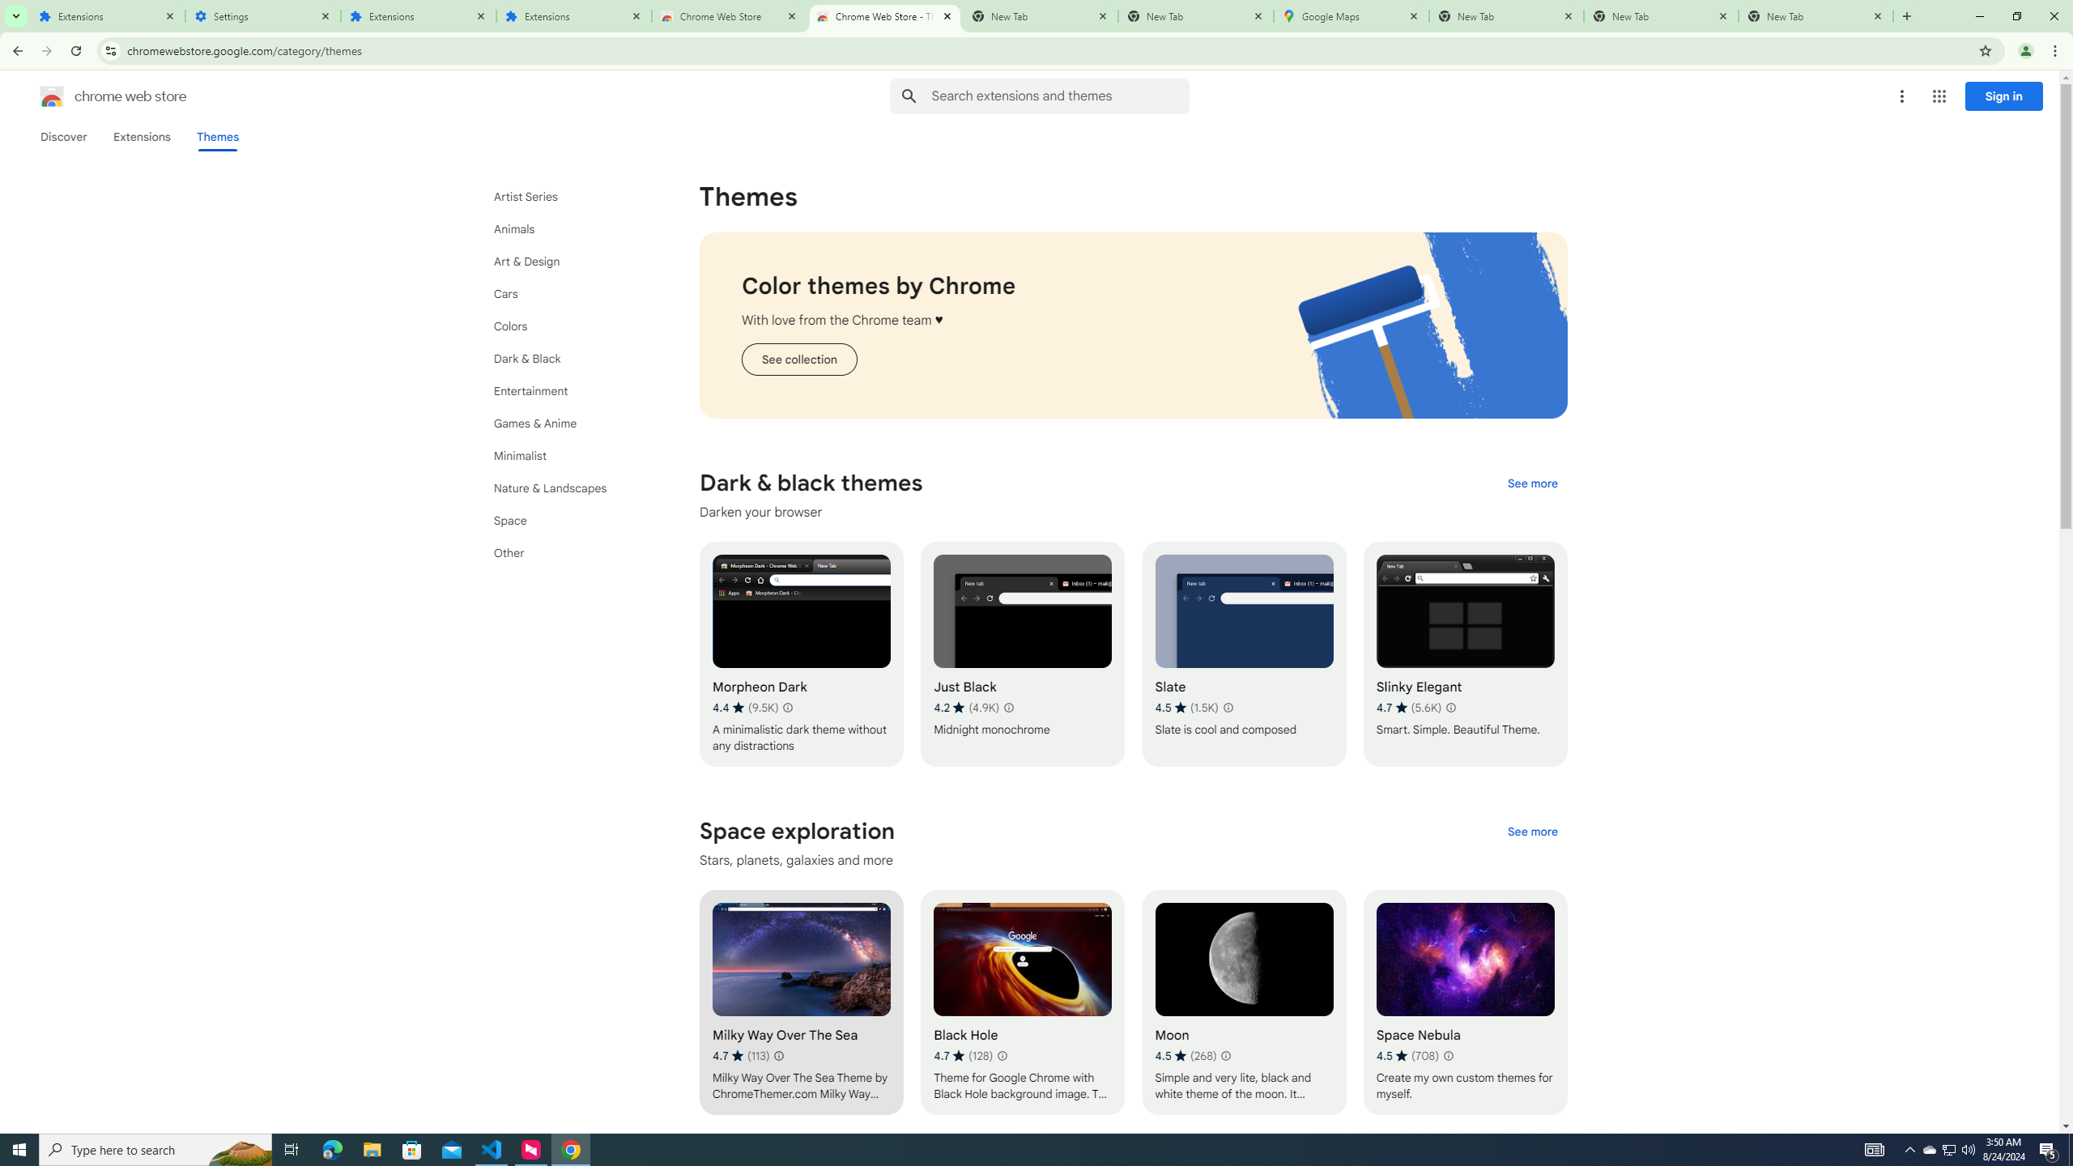  Describe the element at coordinates (798, 360) in the screenshot. I see `'See the "Color themes by Chrome" collection'` at that location.